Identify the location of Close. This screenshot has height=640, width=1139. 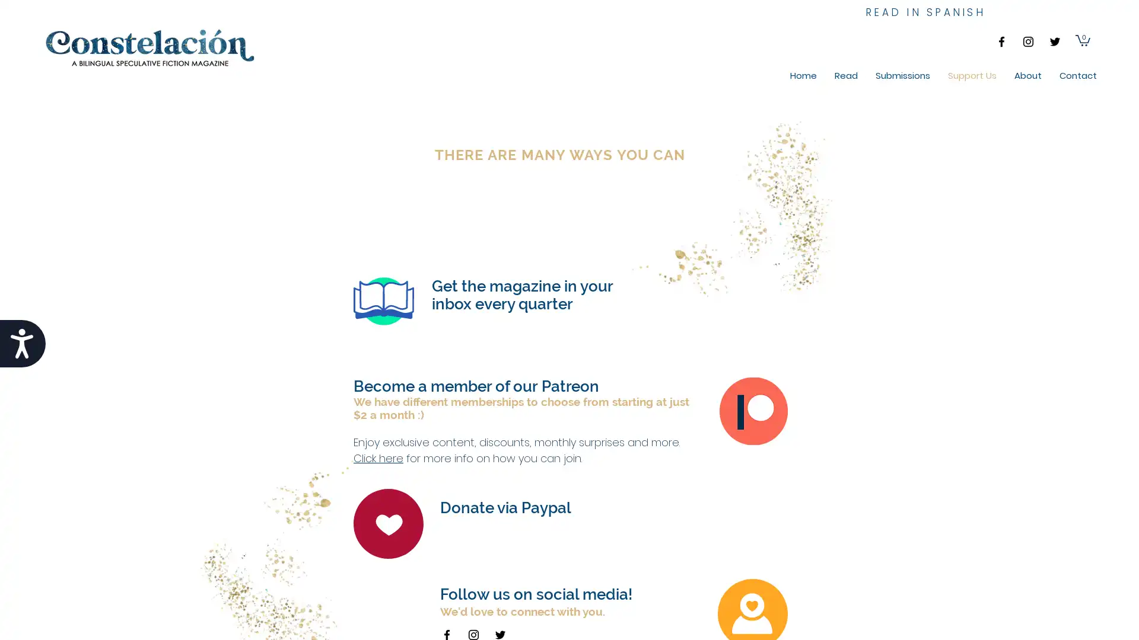
(1124, 619).